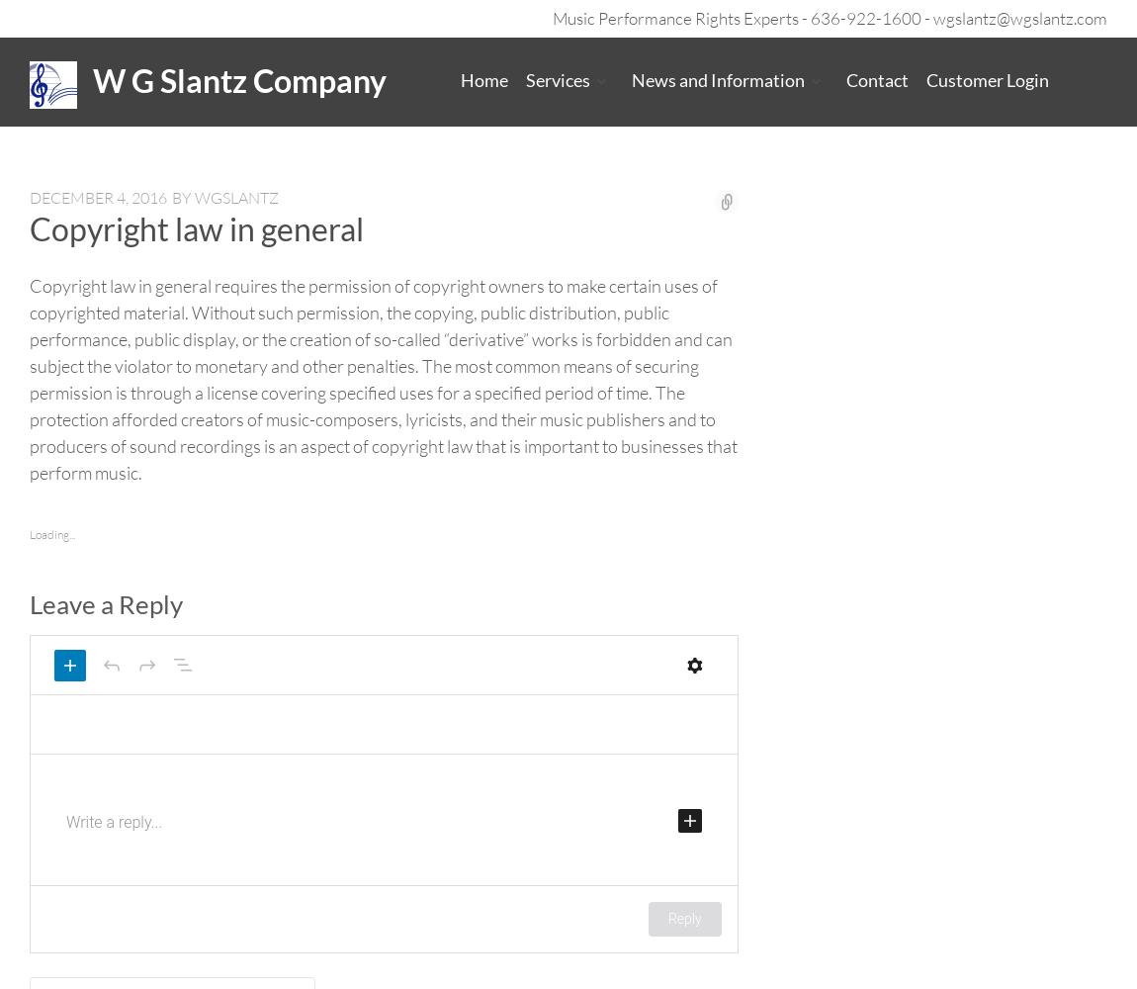  Describe the element at coordinates (51, 533) in the screenshot. I see `'Loading...'` at that location.